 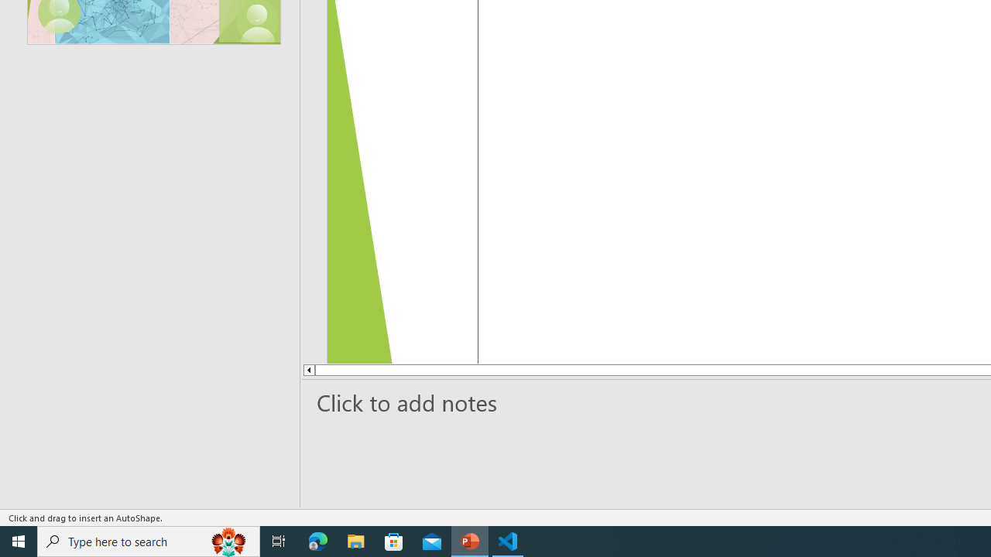 I want to click on 'Microsoft Edge', so click(x=317, y=540).